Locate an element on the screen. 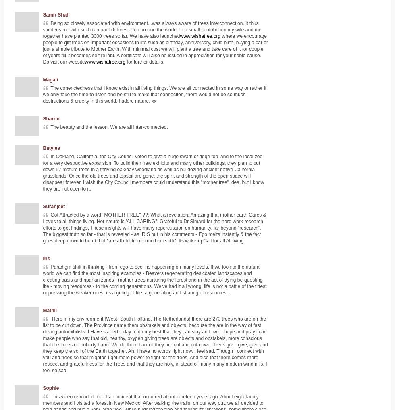  'The beauty and the lesson.  We are all inter-connected.' is located at coordinates (109, 126).